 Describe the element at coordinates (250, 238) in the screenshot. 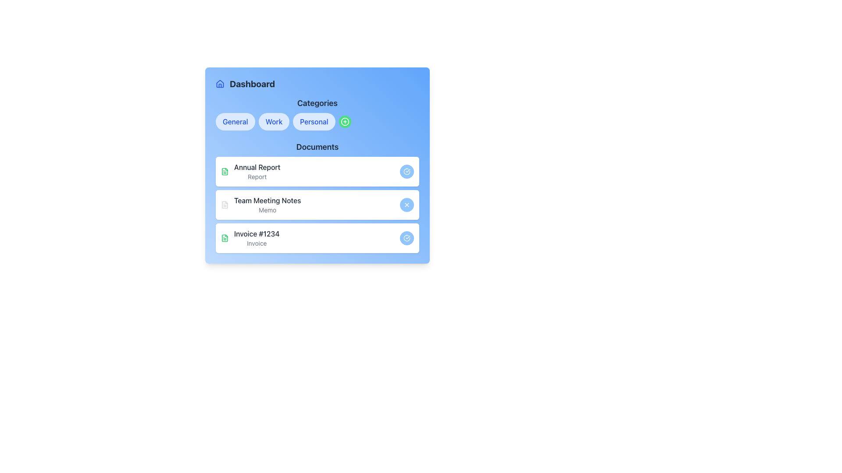

I see `the list item displaying 'Invoice #1234' which is the third entry in the 'Documents' section, featuring a green document icon to the left` at that location.